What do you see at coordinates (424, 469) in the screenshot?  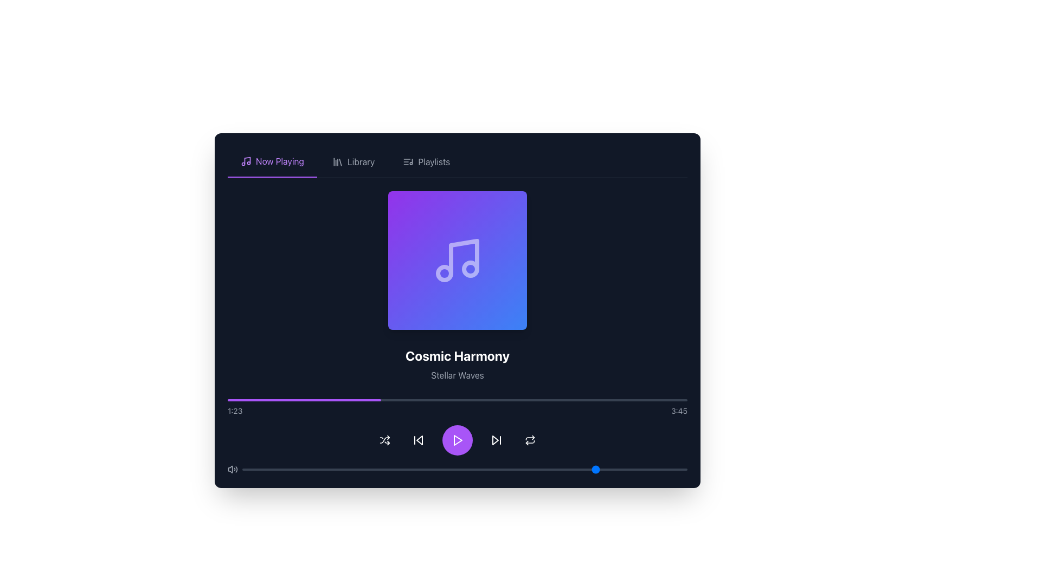 I see `the slider` at bounding box center [424, 469].